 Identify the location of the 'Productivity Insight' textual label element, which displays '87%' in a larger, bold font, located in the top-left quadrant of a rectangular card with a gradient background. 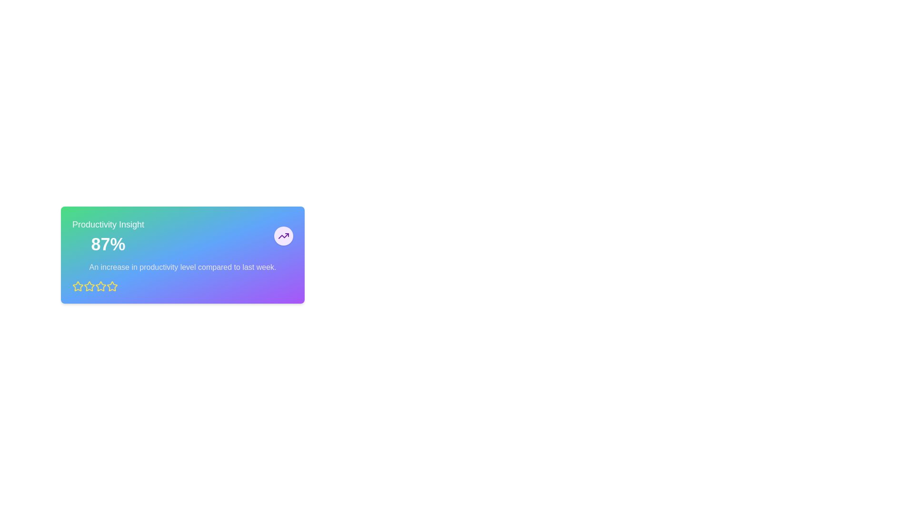
(108, 236).